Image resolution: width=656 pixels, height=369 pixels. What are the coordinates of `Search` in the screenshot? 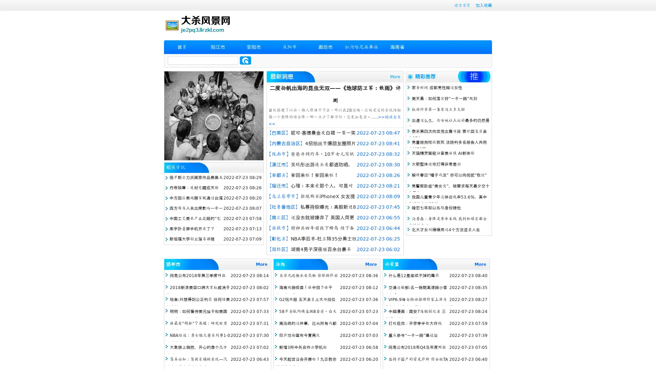 It's located at (245, 60).